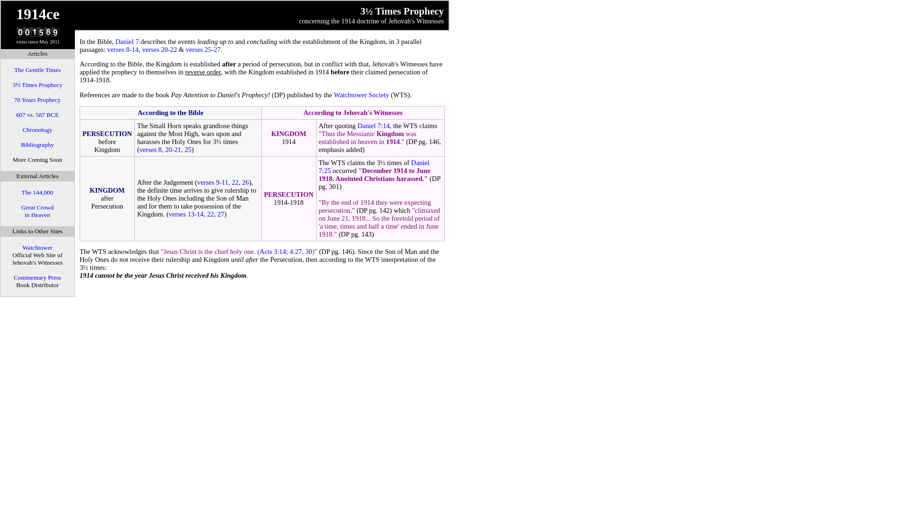 The width and height of the screenshot is (899, 505). I want to click on 'Great Crowd, so click(37, 211).